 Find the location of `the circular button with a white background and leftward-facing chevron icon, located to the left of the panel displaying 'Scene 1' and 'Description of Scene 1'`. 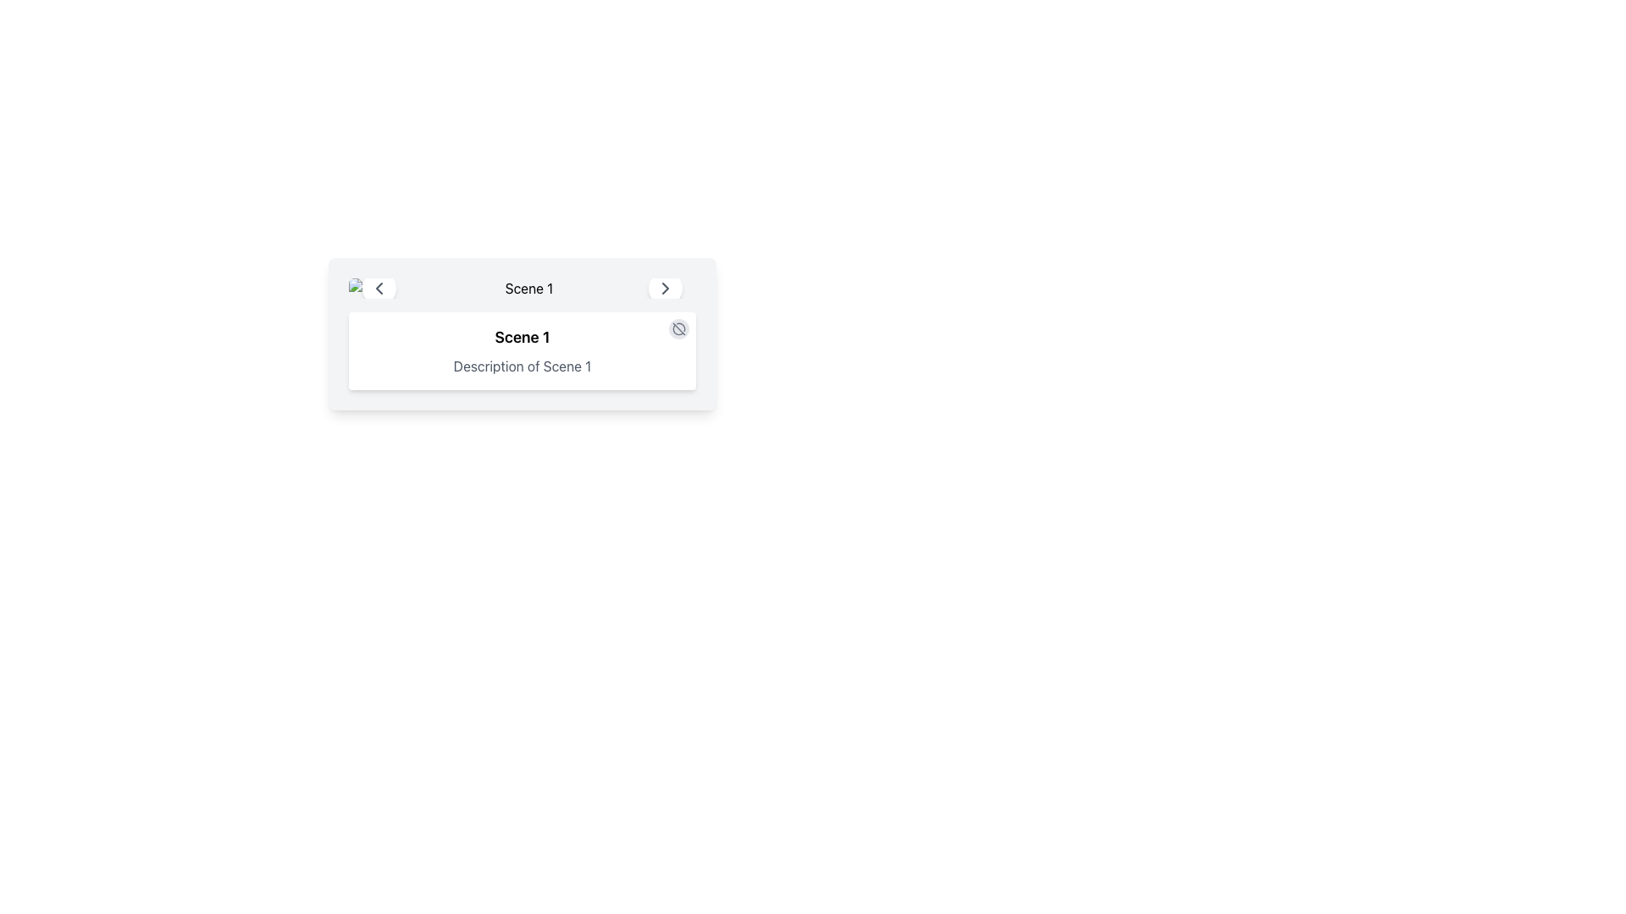

the circular button with a white background and leftward-facing chevron icon, located to the left of the panel displaying 'Scene 1' and 'Description of Scene 1' is located at coordinates (378, 287).